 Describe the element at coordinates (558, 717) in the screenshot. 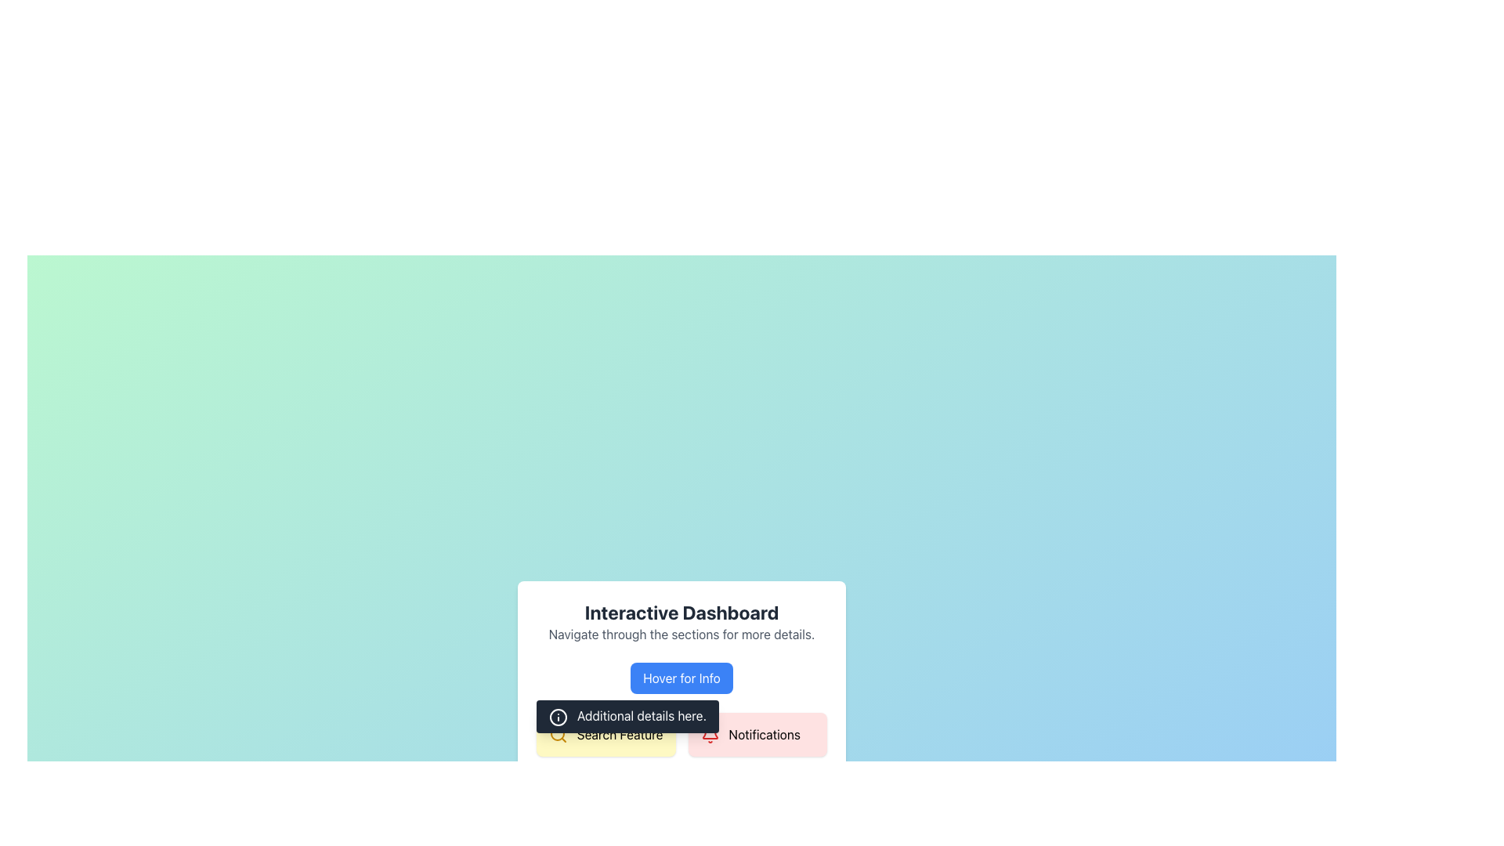

I see `the SVG circle icon that signifies information, located to the left of the tooltip labeled 'Additional details here'` at that location.